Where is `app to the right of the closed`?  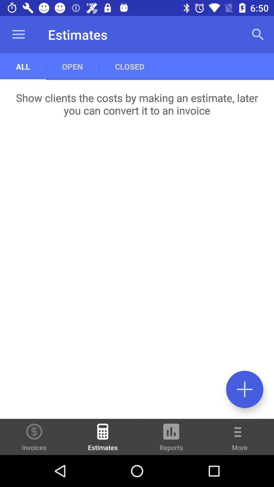
app to the right of the closed is located at coordinates (258, 34).